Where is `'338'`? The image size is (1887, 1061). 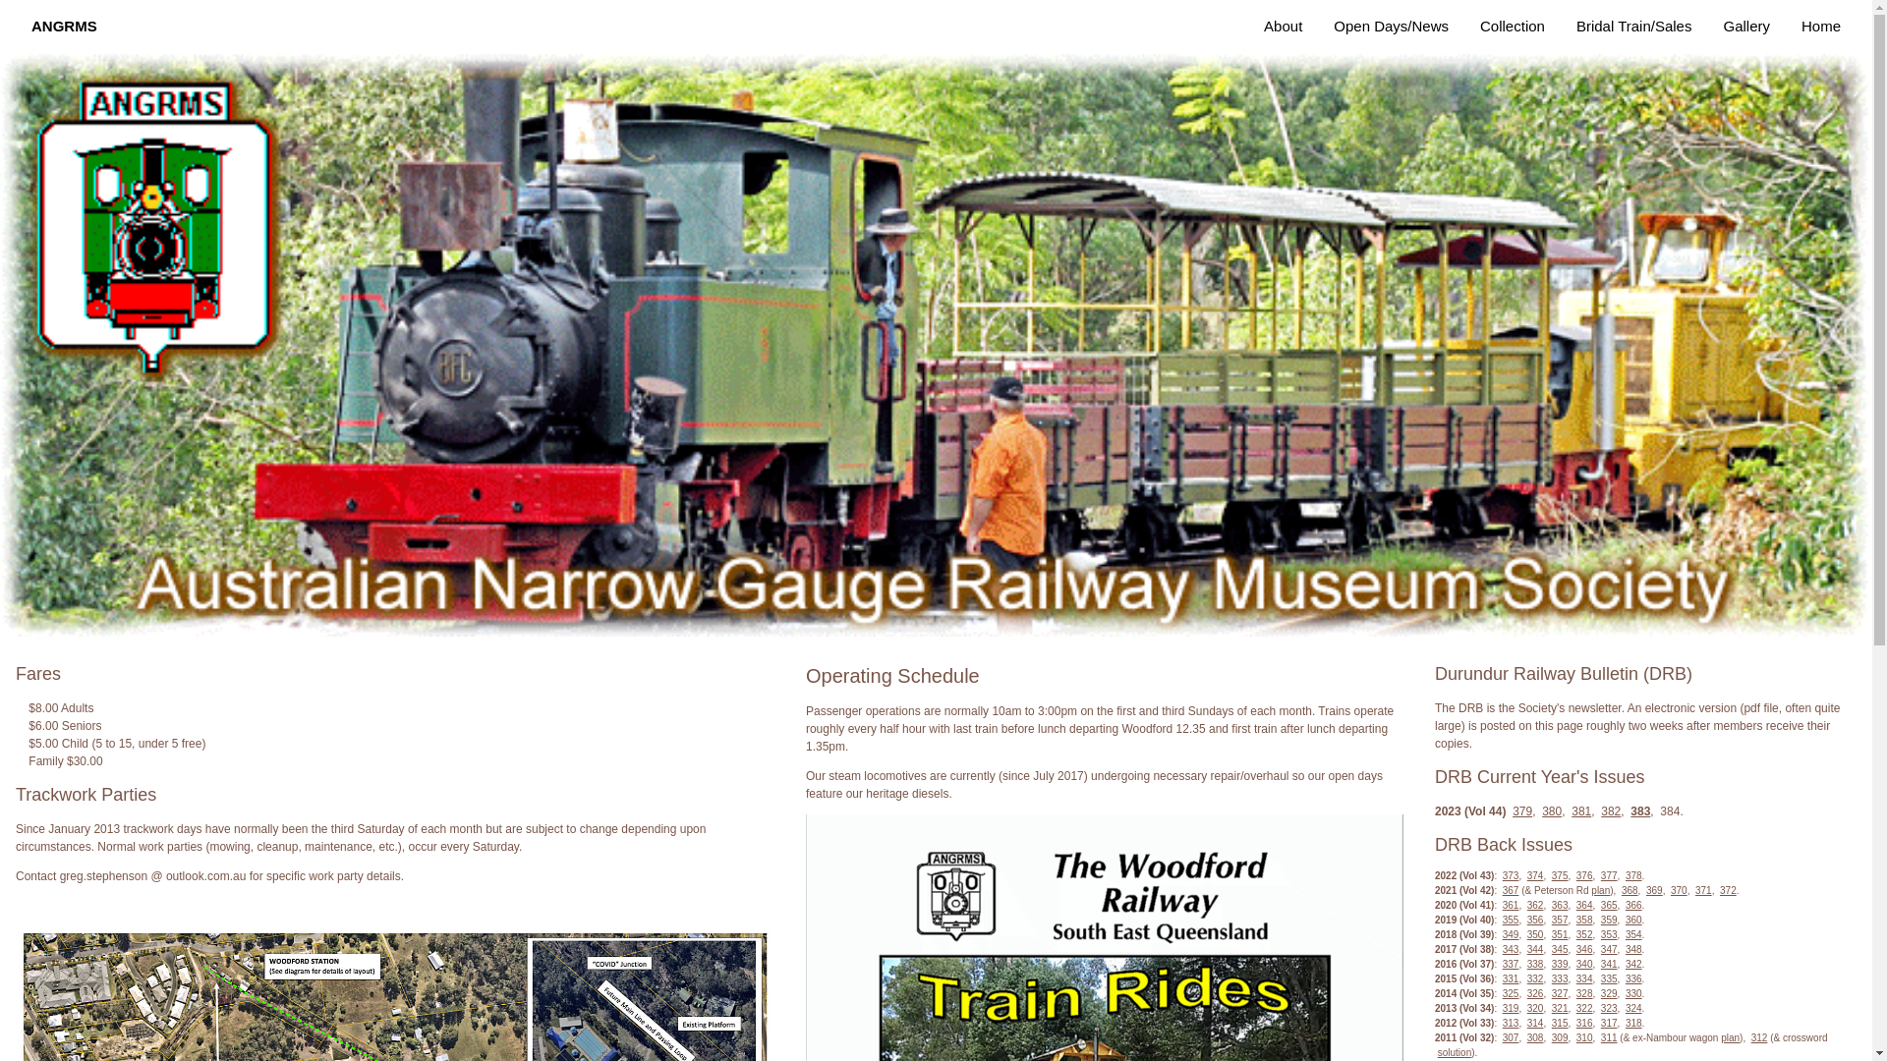
'338' is located at coordinates (1526, 963).